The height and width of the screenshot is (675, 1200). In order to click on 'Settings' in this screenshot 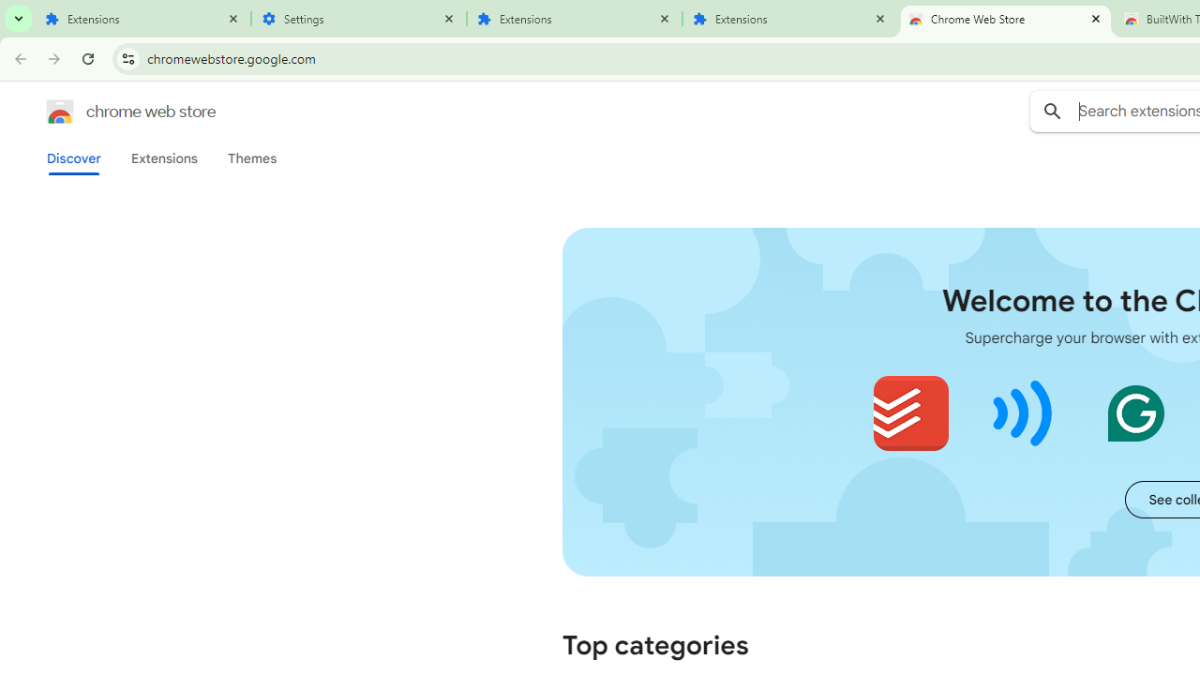, I will do `click(358, 19)`.